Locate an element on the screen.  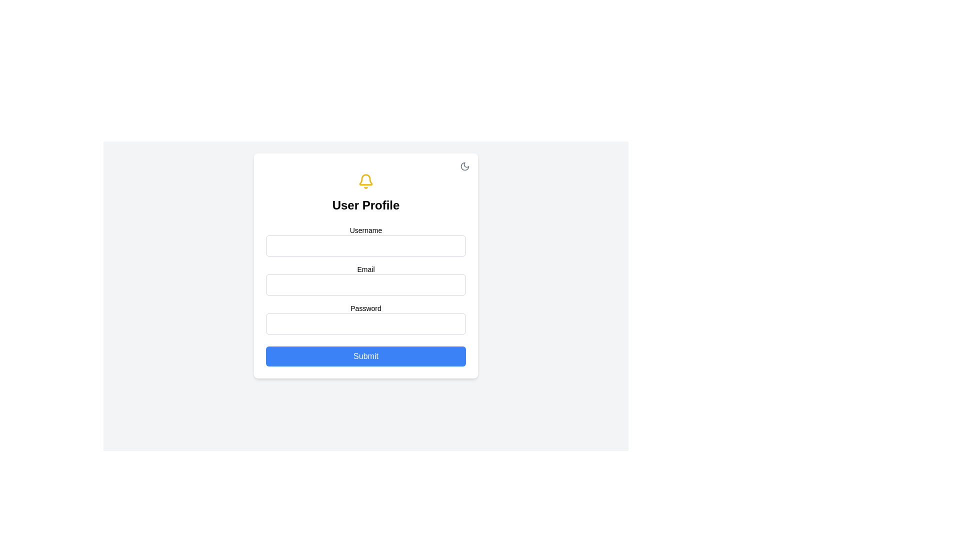
the 'Password' input field to focus on it, which is the third input field in the vertical form labeled 'Password' is located at coordinates (365, 318).